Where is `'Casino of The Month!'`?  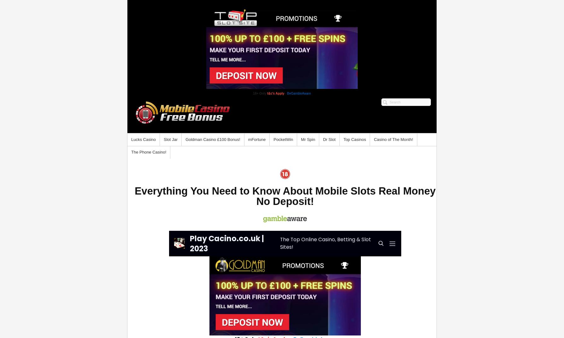
'Casino of The Month!' is located at coordinates (393, 139).